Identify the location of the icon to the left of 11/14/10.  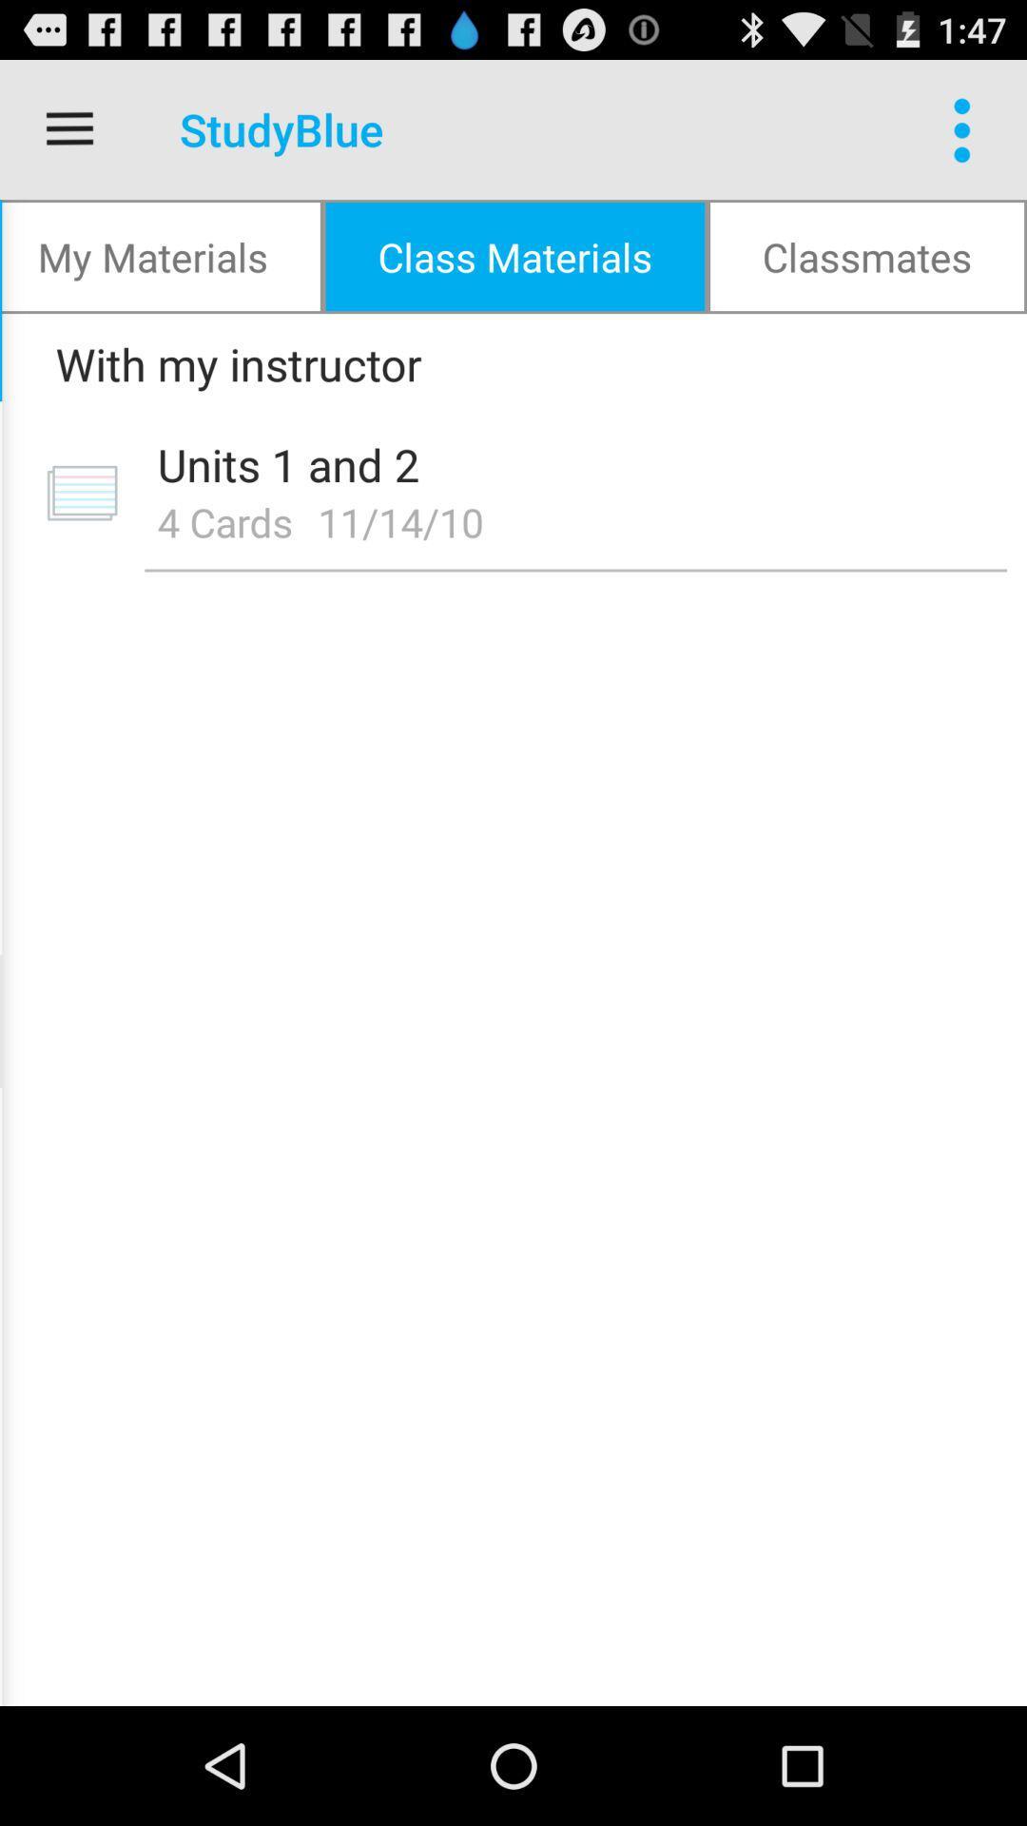
(223, 521).